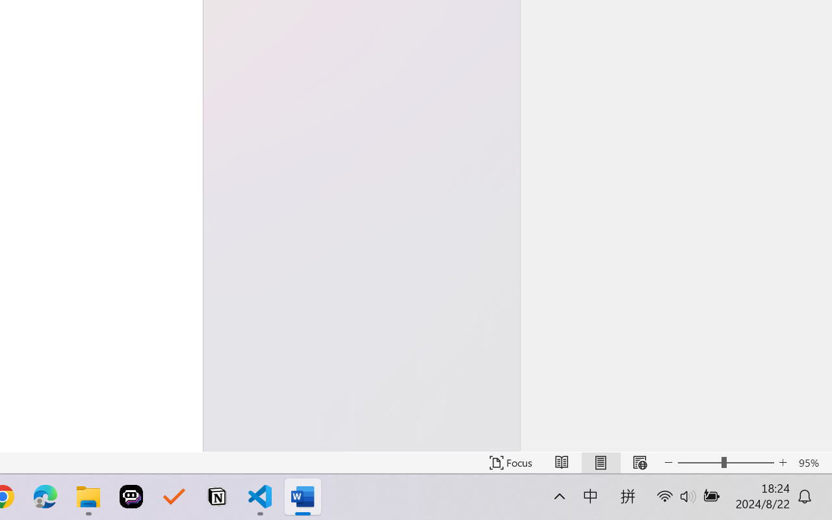  I want to click on 'Zoom 95%', so click(811, 462).